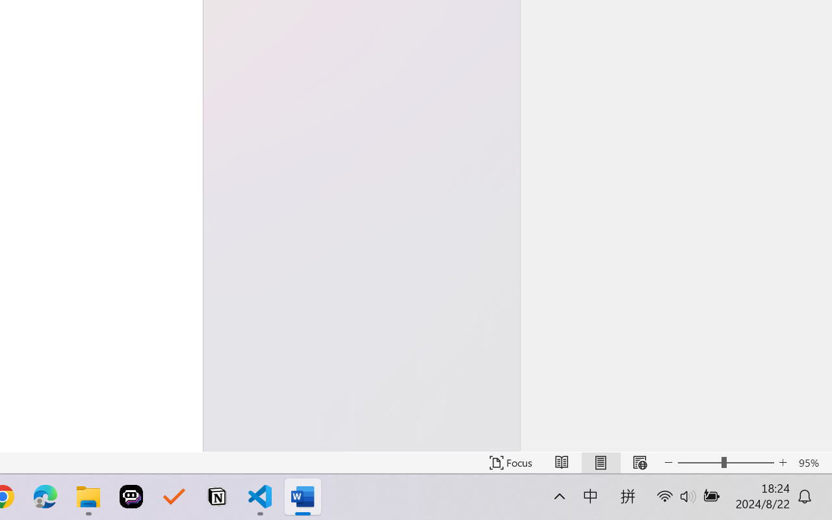  I want to click on 'Zoom 95%', so click(811, 462).